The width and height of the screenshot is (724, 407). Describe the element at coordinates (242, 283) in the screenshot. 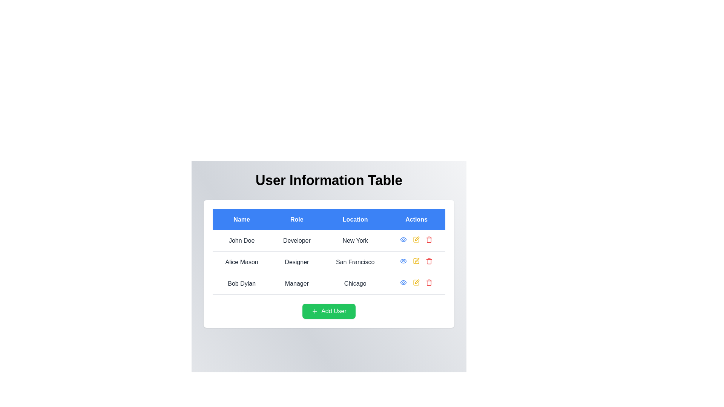

I see `the text label displaying 'Bob Dylan' in the Name column of the table, located in the third row` at that location.